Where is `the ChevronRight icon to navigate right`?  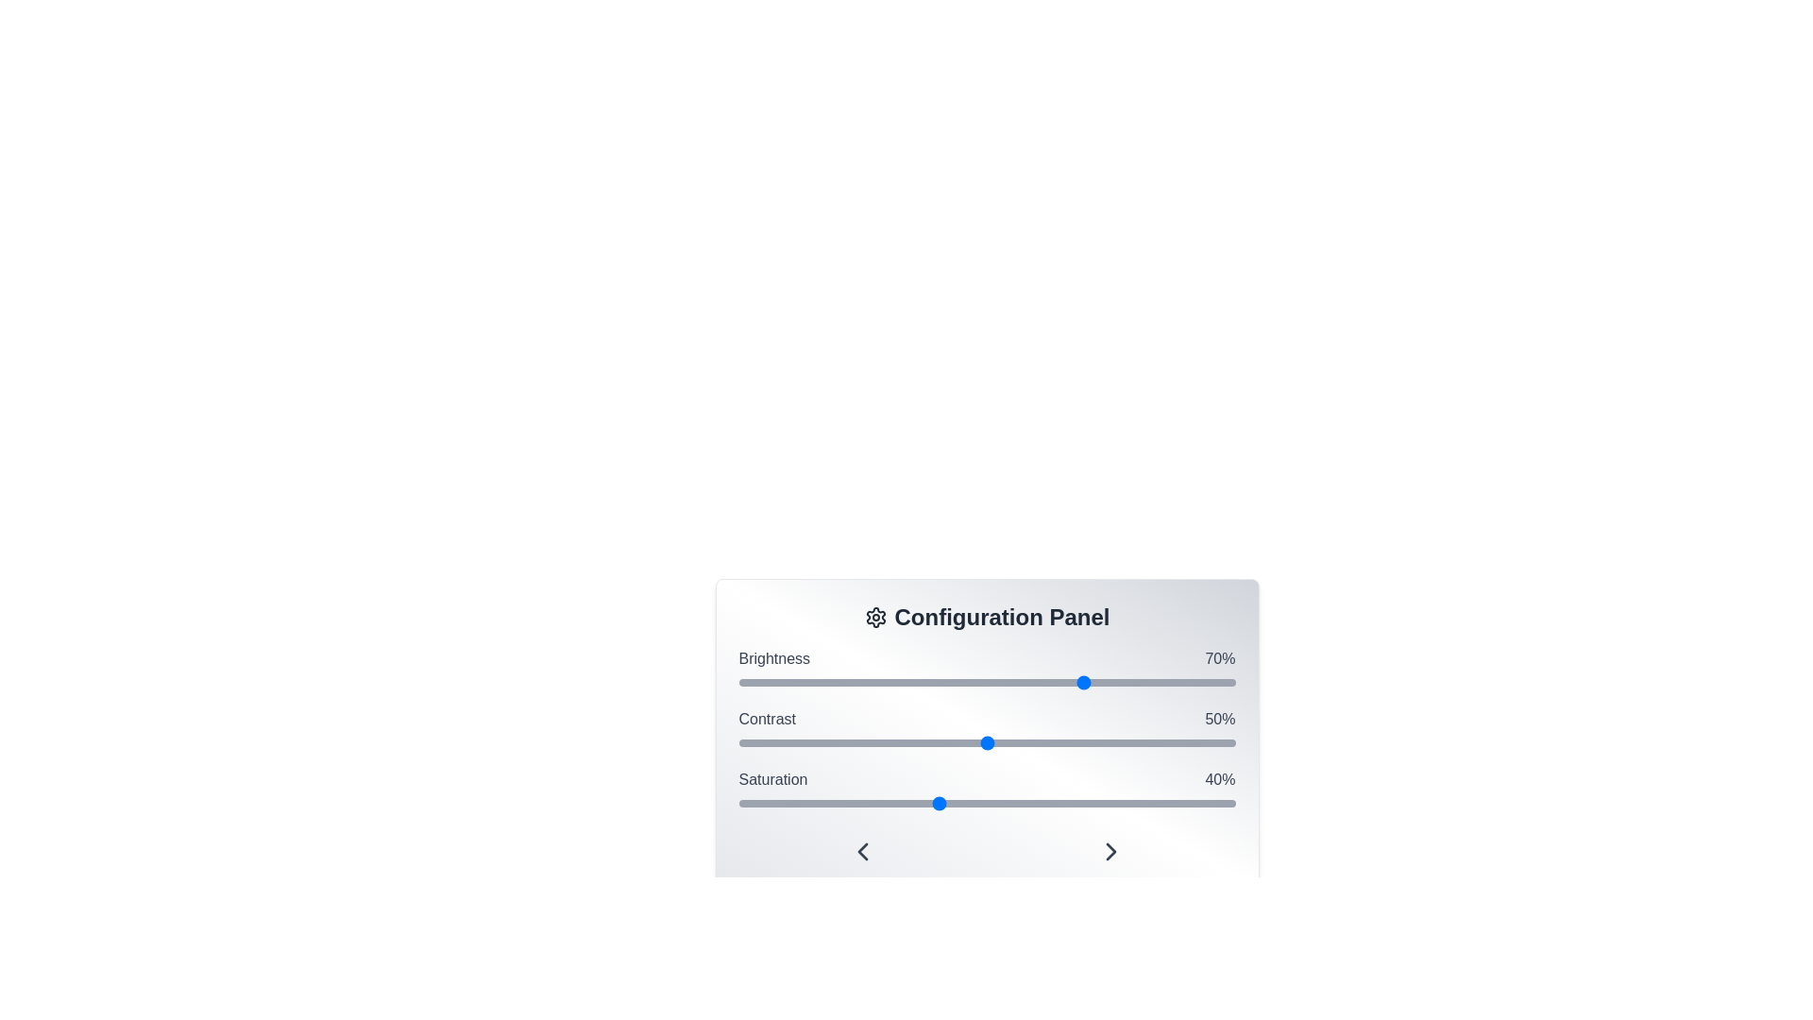 the ChevronRight icon to navigate right is located at coordinates (1110, 852).